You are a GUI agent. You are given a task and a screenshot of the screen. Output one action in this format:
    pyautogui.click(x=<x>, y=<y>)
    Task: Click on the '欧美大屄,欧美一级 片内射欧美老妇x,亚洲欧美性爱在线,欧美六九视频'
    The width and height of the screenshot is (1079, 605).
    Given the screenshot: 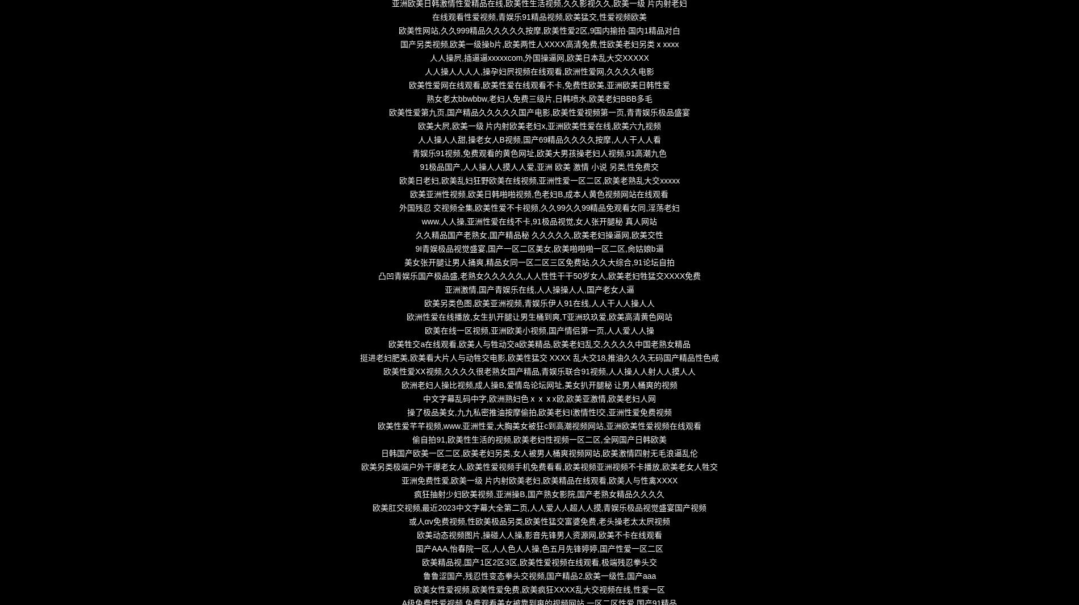 What is the action you would take?
    pyautogui.click(x=538, y=126)
    